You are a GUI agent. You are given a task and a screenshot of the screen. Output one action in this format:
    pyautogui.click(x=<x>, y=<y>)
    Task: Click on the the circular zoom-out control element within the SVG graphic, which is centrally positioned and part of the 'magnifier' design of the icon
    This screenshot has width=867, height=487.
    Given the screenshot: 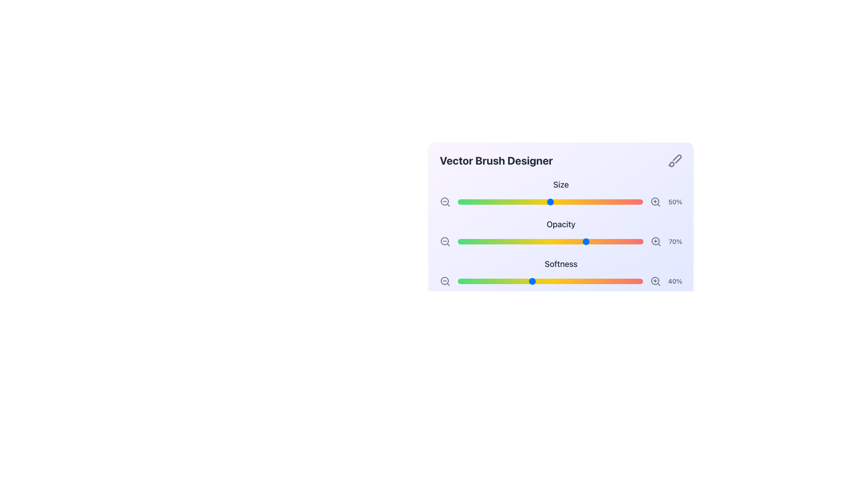 What is the action you would take?
    pyautogui.click(x=444, y=241)
    